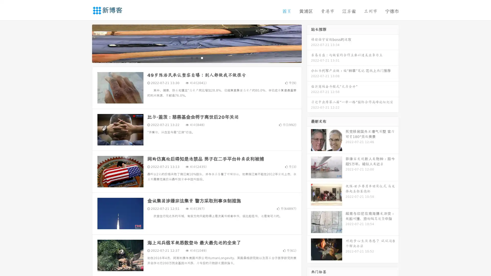  I want to click on Go to slide 1, so click(191, 57).